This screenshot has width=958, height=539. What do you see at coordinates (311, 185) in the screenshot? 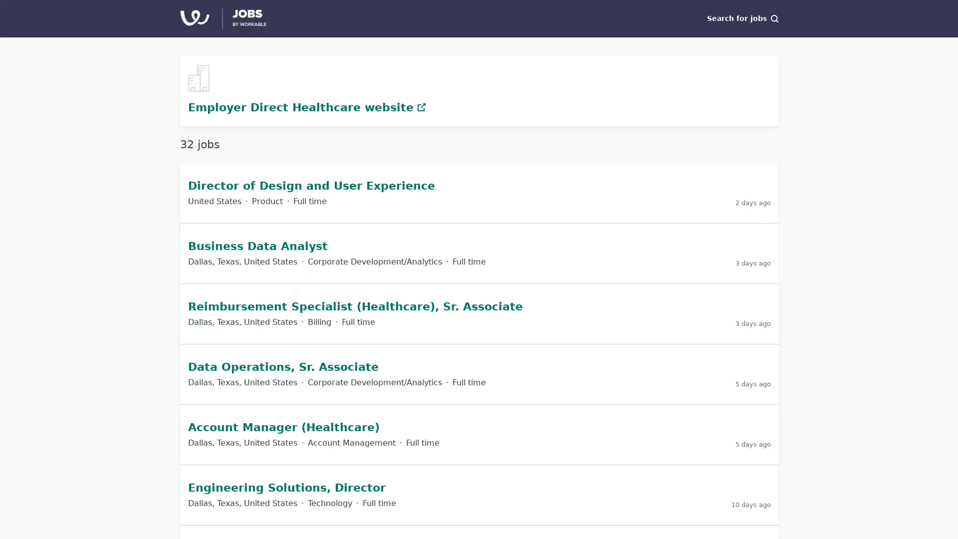
I see `Director of Design and User Experience` at bounding box center [311, 185].